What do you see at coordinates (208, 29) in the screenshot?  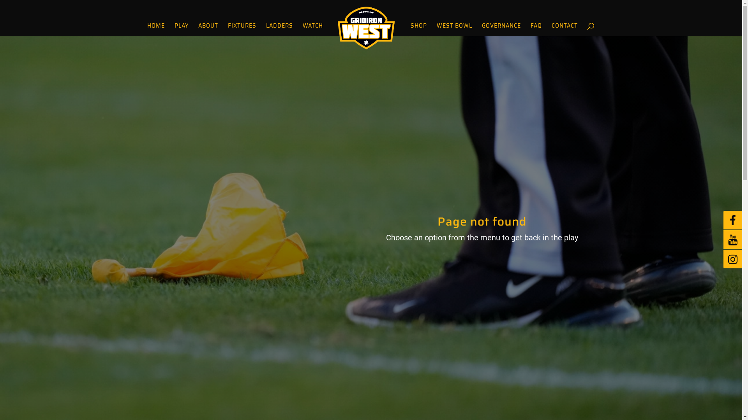 I see `'ABOUT'` at bounding box center [208, 29].